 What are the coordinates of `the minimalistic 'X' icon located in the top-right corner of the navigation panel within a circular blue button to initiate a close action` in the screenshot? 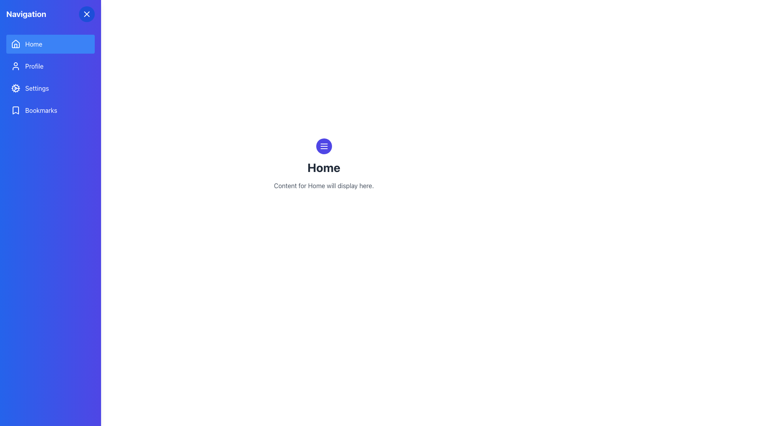 It's located at (87, 14).